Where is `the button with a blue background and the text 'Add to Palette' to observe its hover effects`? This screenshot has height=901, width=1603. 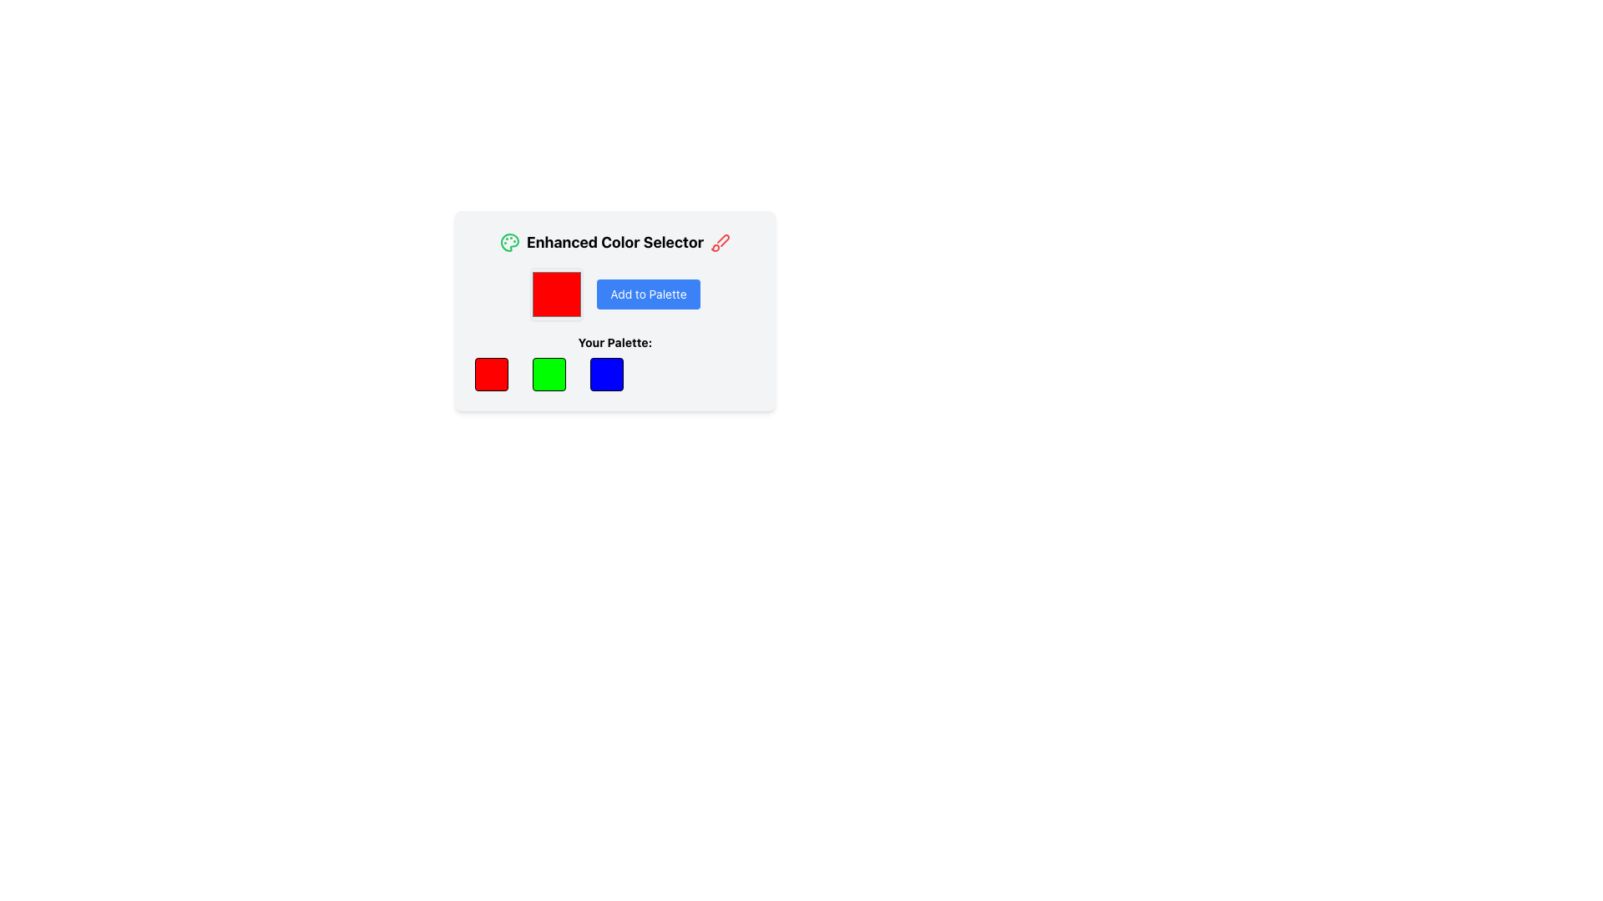 the button with a blue background and the text 'Add to Palette' to observe its hover effects is located at coordinates (614, 294).